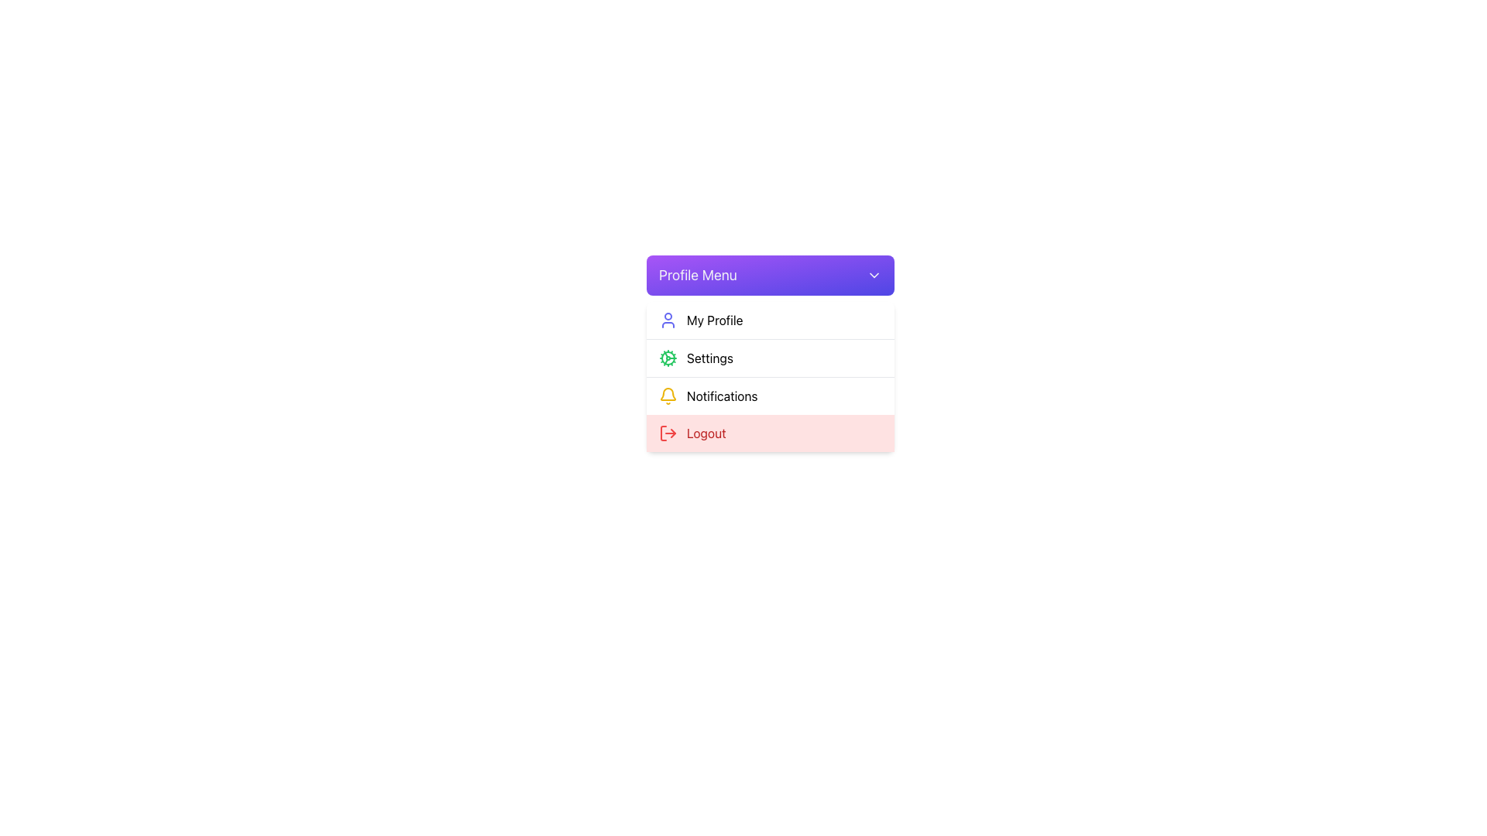  Describe the element at coordinates (714, 319) in the screenshot. I see `text label displaying 'My Profile' located in the dropdown menu beside the user profile icon` at that location.